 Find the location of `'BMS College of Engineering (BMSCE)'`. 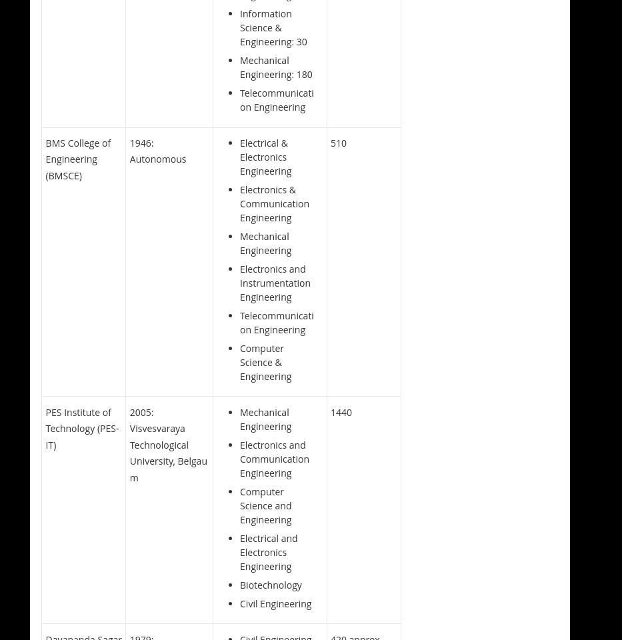

'BMS College of Engineering (BMSCE)' is located at coordinates (77, 158).